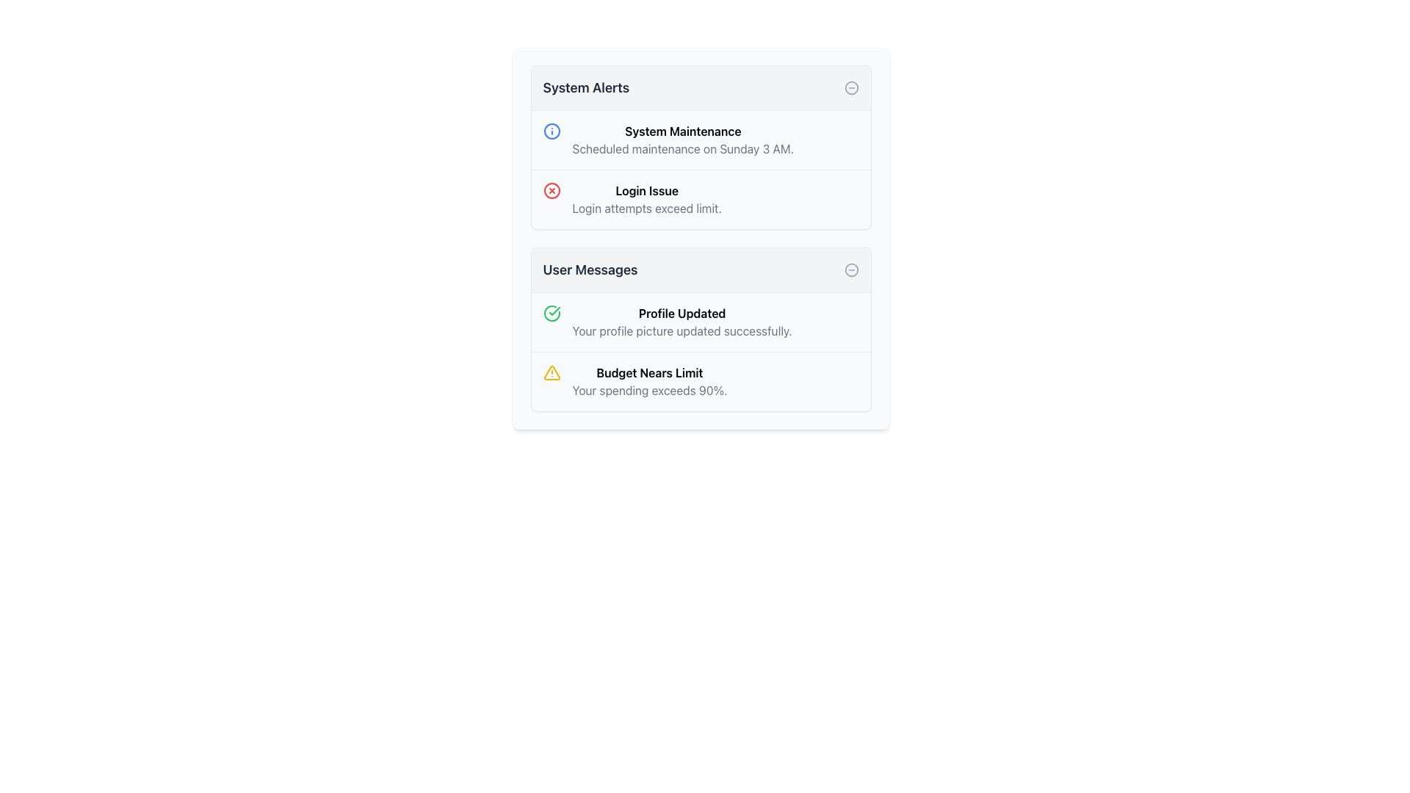  What do you see at coordinates (681, 313) in the screenshot?
I see `text label indicating the user's profile has been updated successfully, located in the second notification card within the 'User Messages' section, aligned with a green checkmark icon` at bounding box center [681, 313].